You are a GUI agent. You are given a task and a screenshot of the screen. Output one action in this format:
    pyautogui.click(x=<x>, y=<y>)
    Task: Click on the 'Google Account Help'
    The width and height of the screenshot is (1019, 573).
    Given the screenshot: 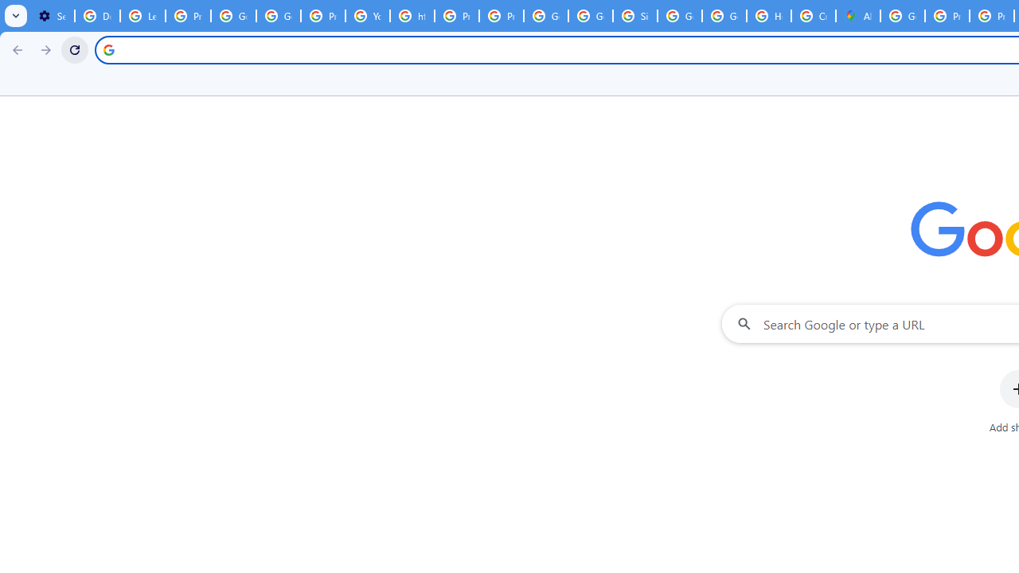 What is the action you would take?
    pyautogui.click(x=232, y=16)
    